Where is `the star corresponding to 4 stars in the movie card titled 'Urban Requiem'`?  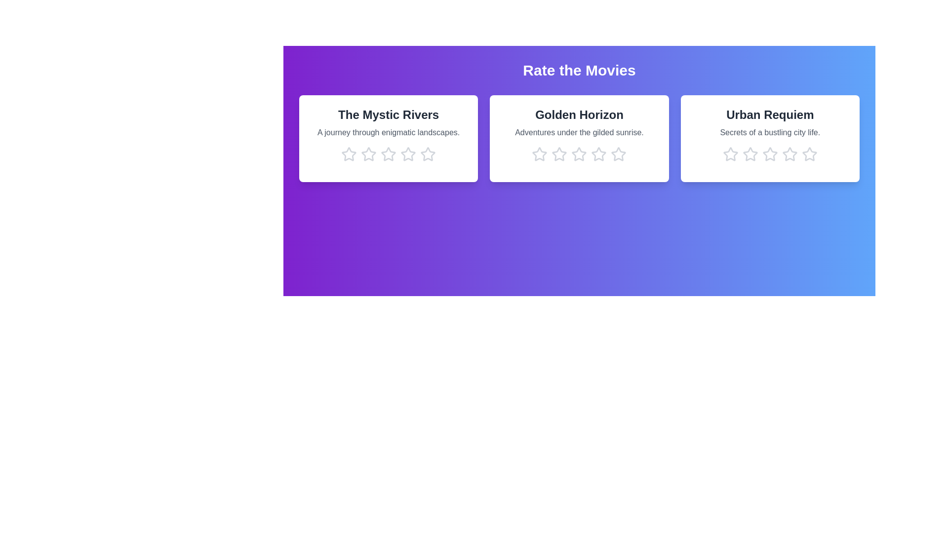 the star corresponding to 4 stars in the movie card titled 'Urban Requiem' is located at coordinates (789, 154).